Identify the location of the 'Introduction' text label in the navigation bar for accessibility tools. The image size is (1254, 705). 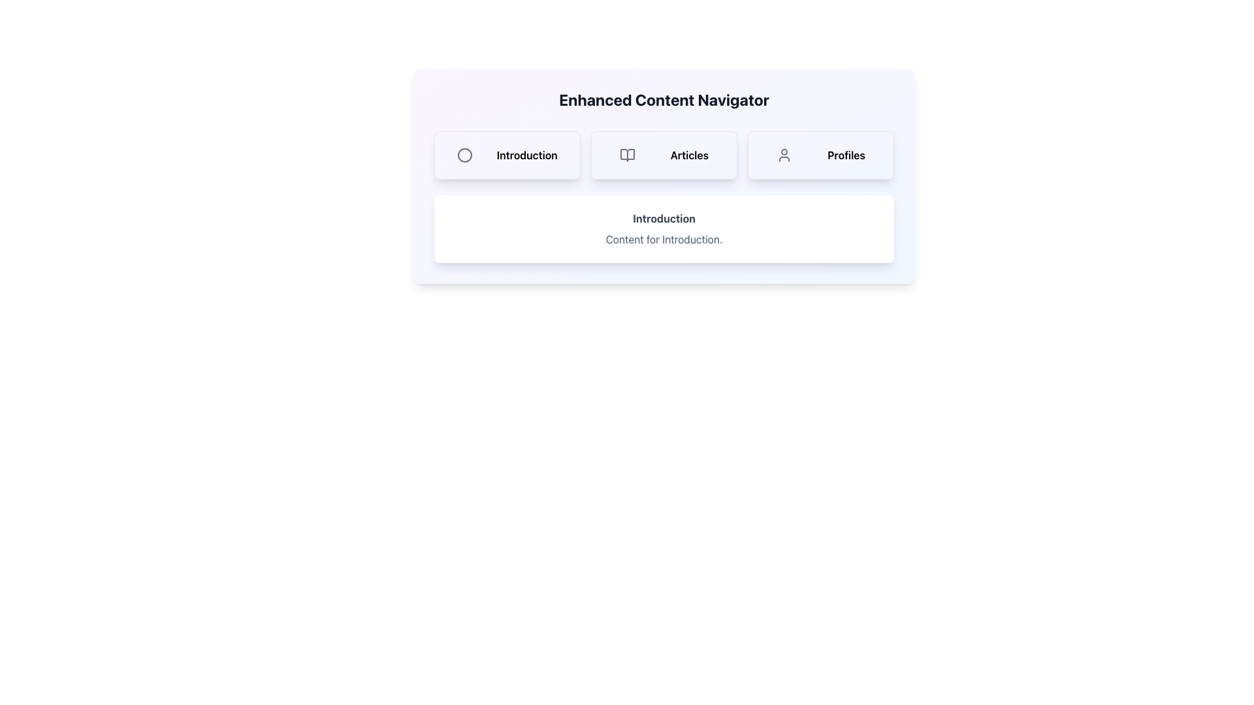
(527, 155).